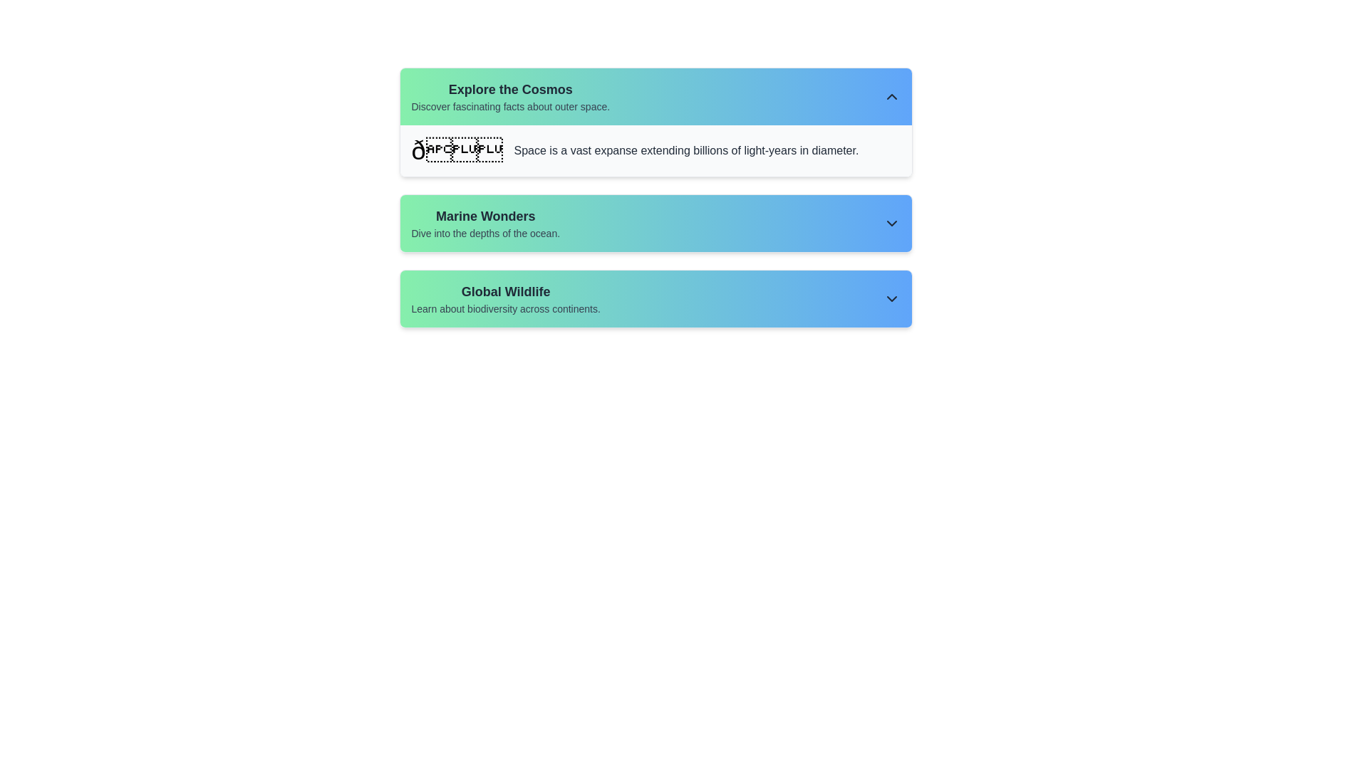 The height and width of the screenshot is (769, 1368). I want to click on the collapsible list item titled 'Marine Wonders', so click(655, 223).